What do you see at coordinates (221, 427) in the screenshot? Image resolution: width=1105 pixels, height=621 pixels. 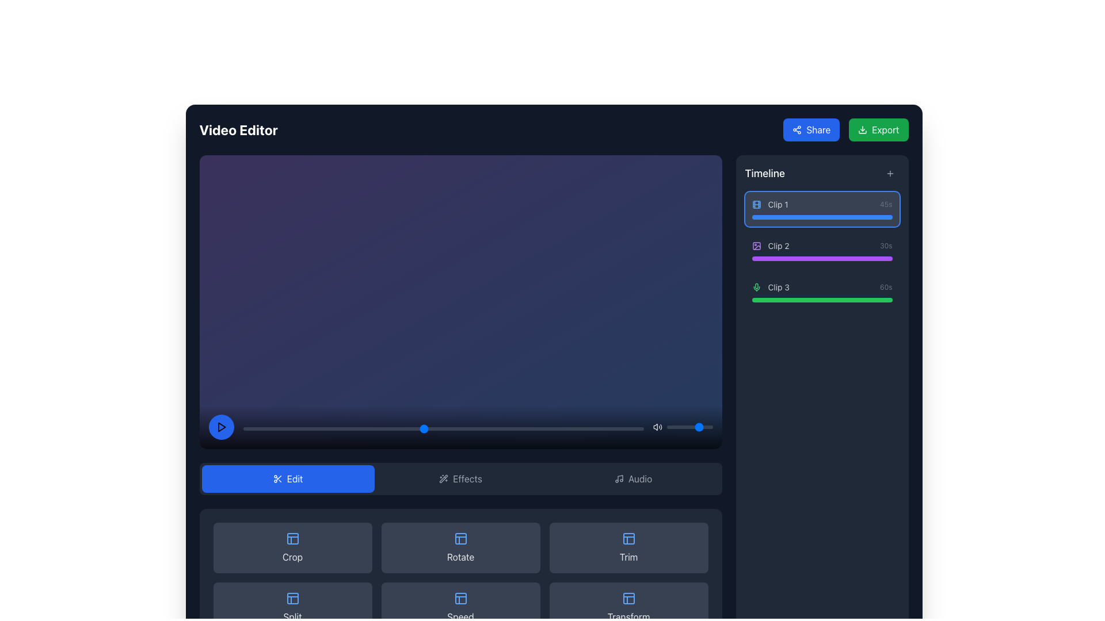 I see `the circular blue button with a play icon located at the bottom-left corner of the video preview section` at bounding box center [221, 427].